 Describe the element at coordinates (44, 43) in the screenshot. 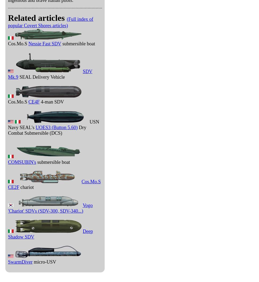

I see `'Nessie Fast SDV'` at that location.